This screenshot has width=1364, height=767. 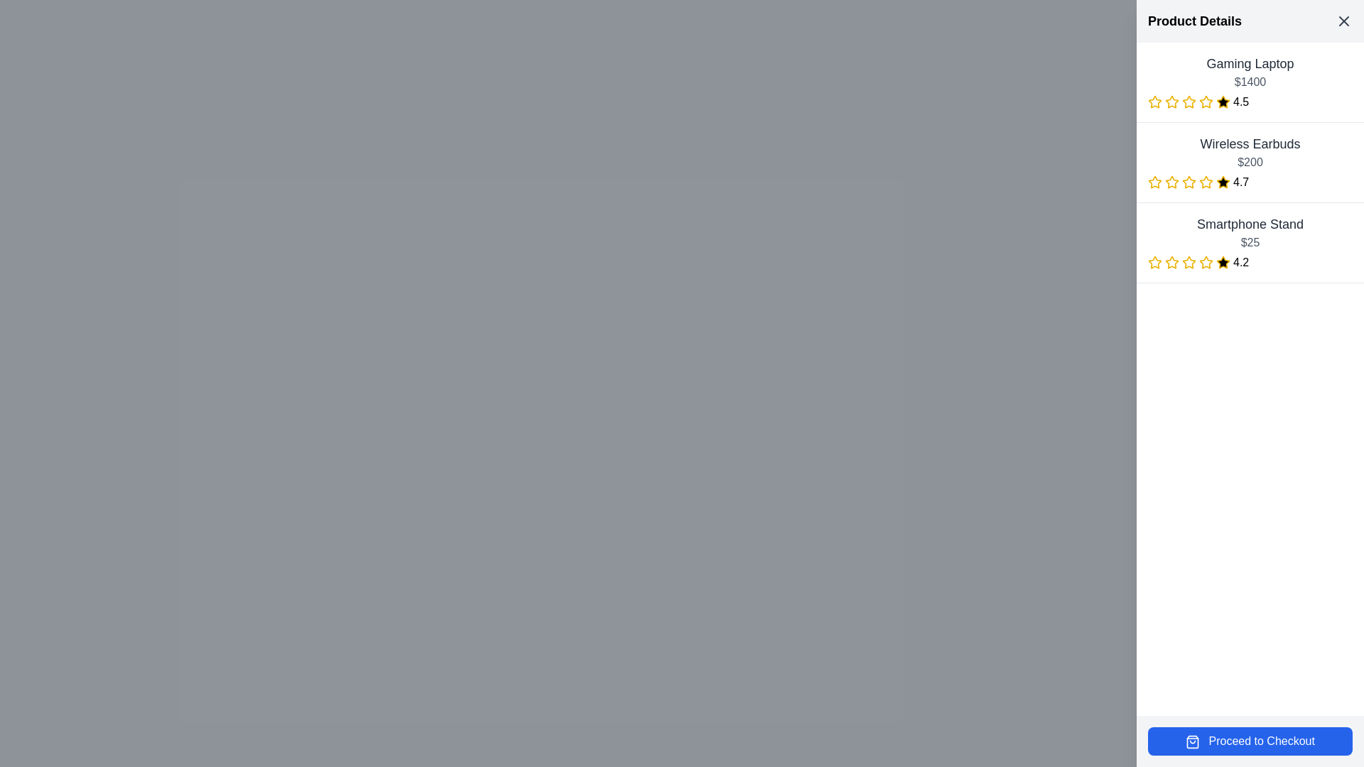 I want to click on the fifth yellow star icon in a series of five star icons under the 'Gaming Laptop' product, so click(x=1206, y=101).